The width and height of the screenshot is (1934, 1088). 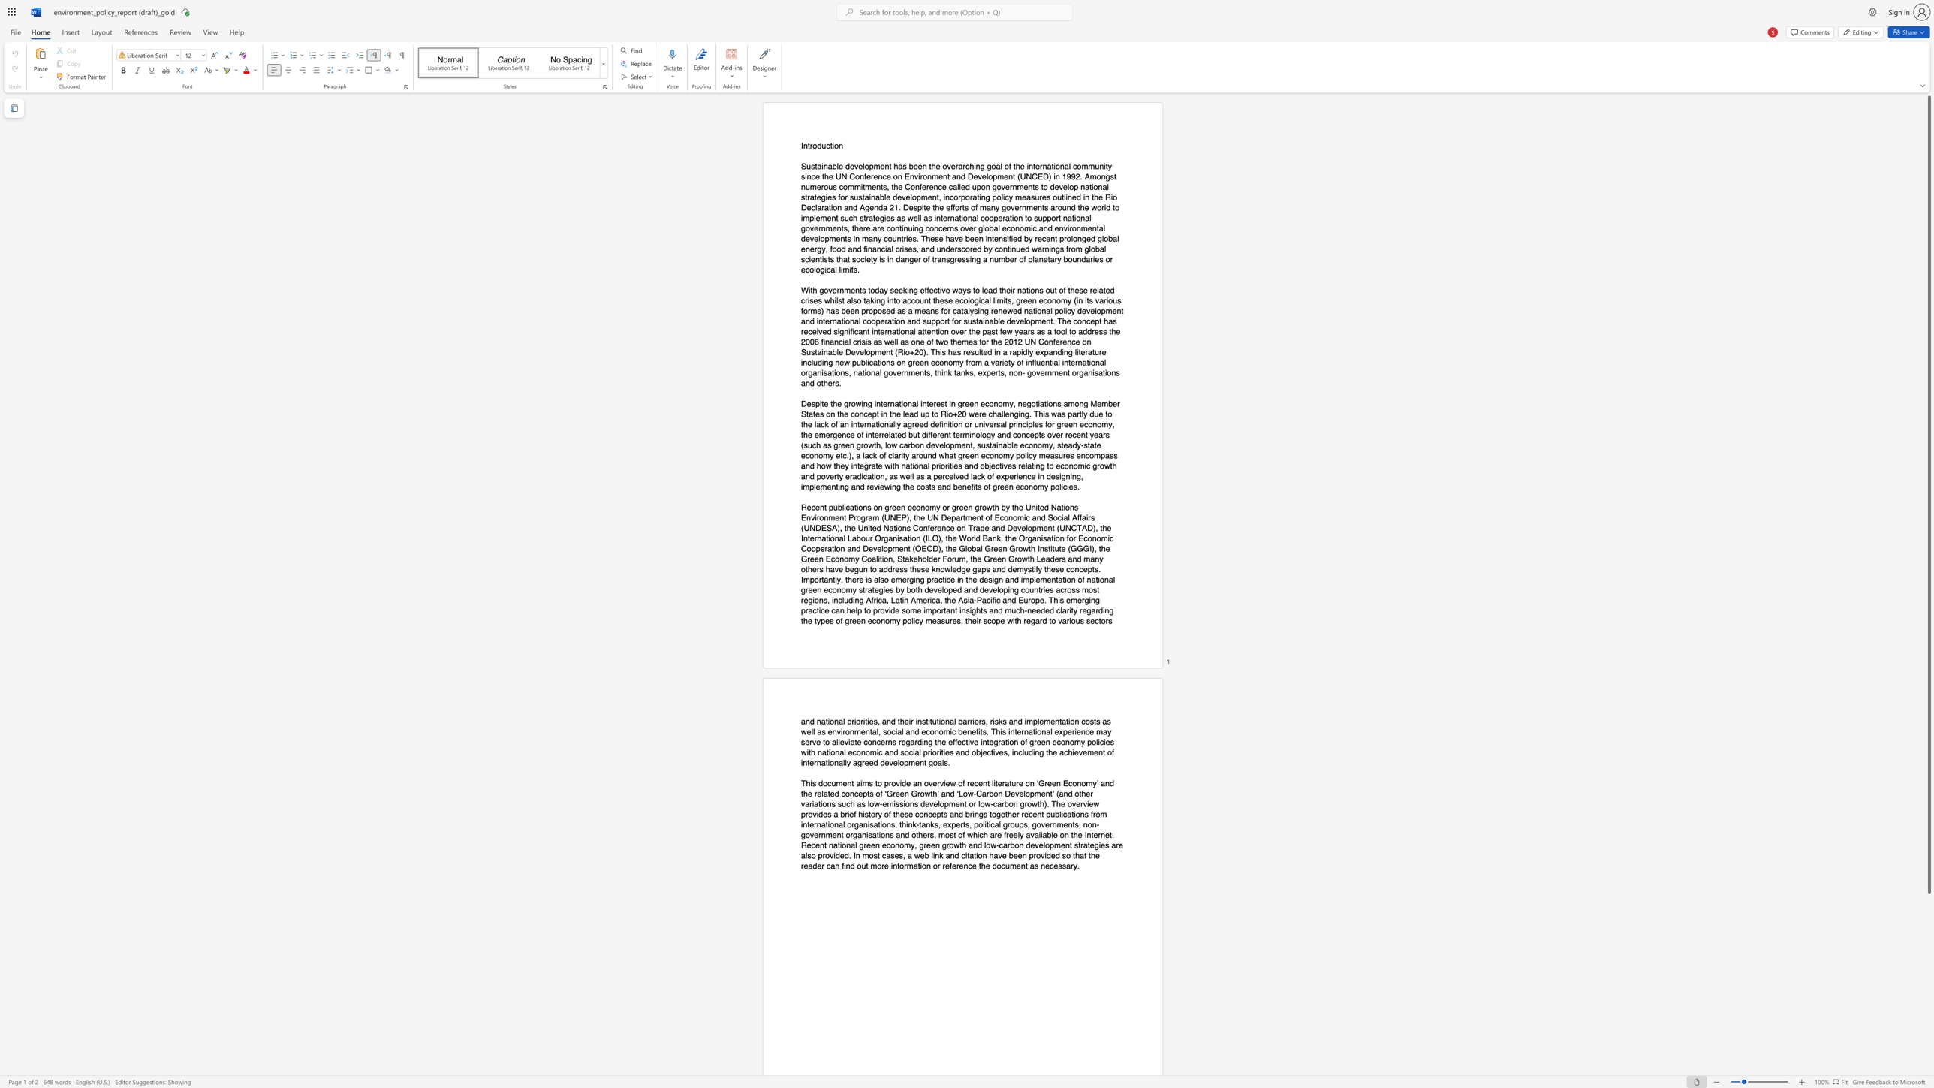 I want to click on the page's right scrollbar for downward movement, so click(x=1928, y=941).